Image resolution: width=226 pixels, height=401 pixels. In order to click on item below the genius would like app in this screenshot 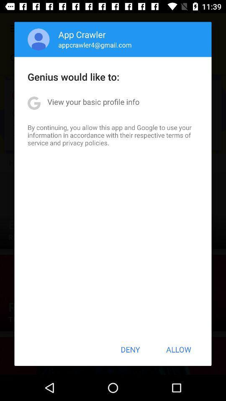, I will do `click(93, 101)`.